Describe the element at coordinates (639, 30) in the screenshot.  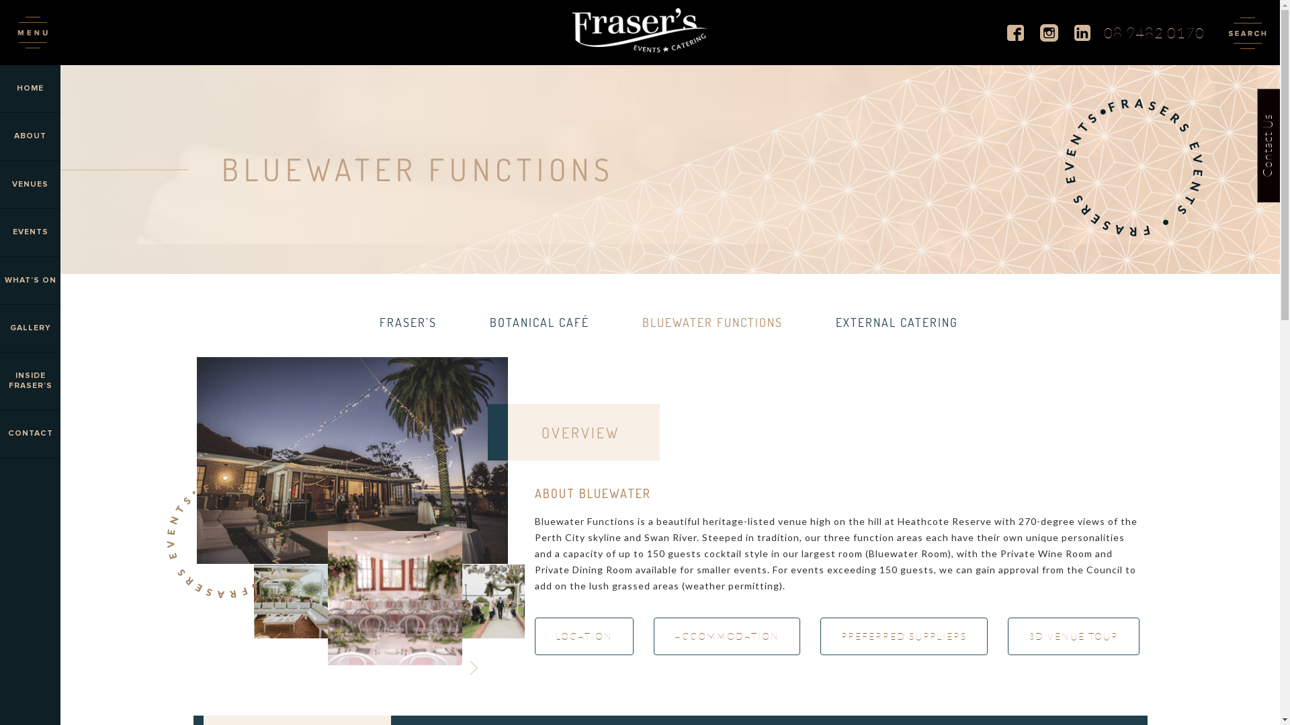
I see `'Fraser's Group'` at that location.